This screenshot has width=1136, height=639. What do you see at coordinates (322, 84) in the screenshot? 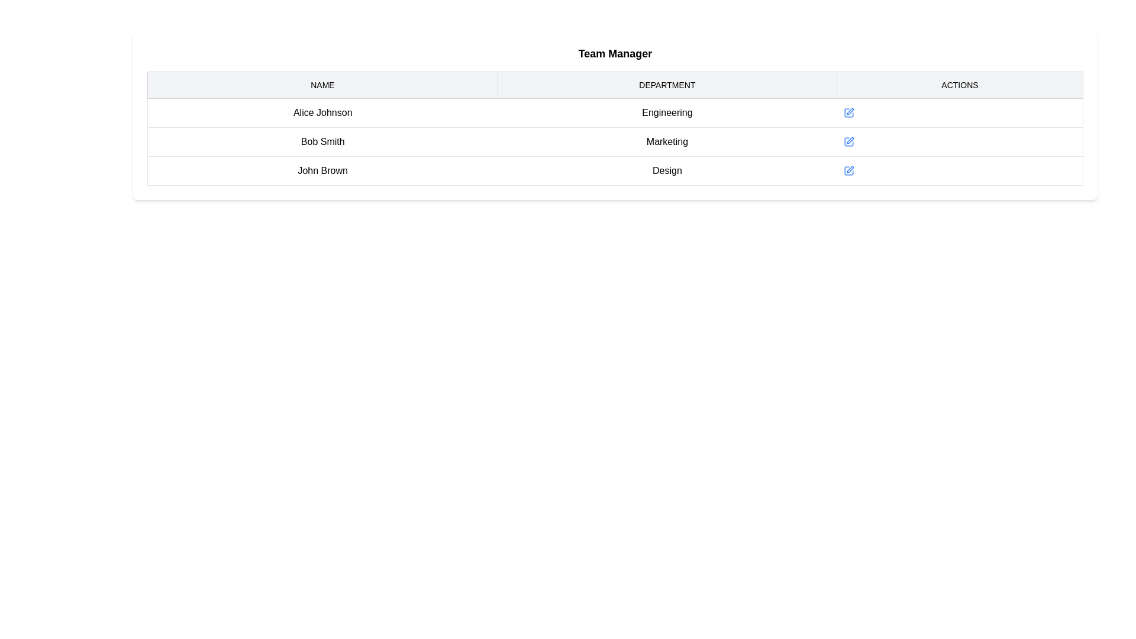
I see `the table header cell labeled 'Name', which is styled in uppercase bold font and is the leftmost header in the top row of the data table` at bounding box center [322, 84].